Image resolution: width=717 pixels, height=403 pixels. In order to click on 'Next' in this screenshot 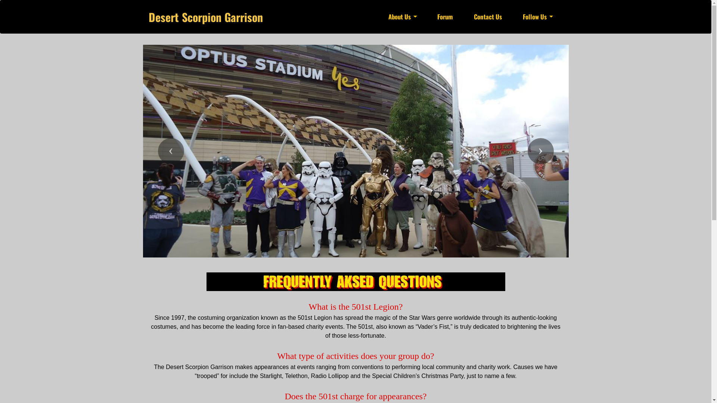, I will do `click(540, 151)`.